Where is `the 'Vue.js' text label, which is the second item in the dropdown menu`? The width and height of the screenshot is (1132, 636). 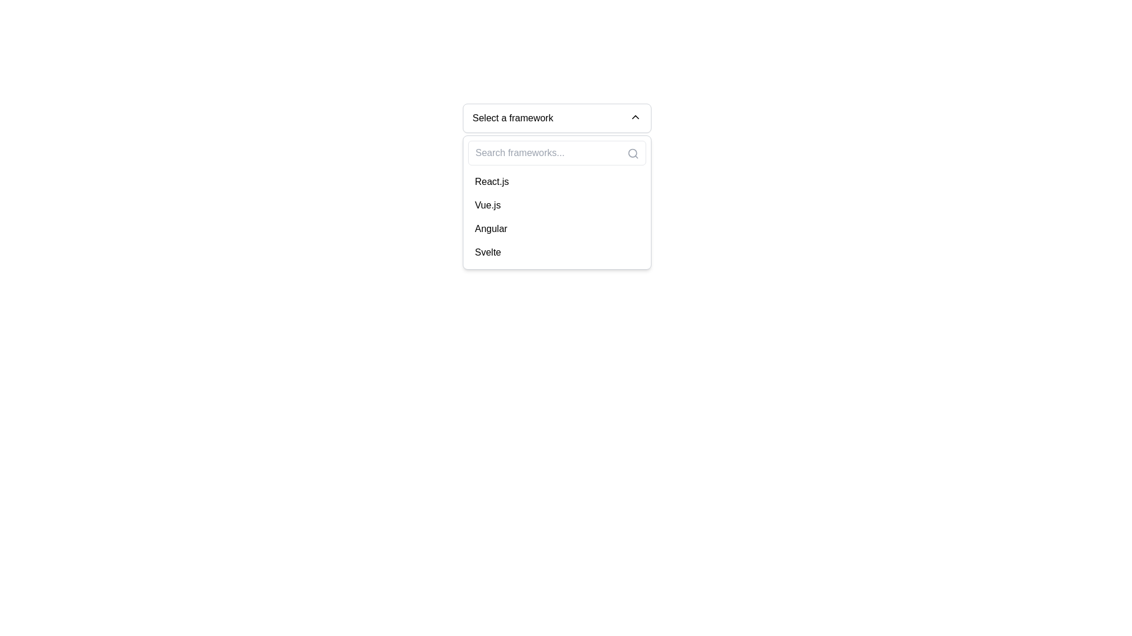
the 'Vue.js' text label, which is the second item in the dropdown menu is located at coordinates (488, 204).